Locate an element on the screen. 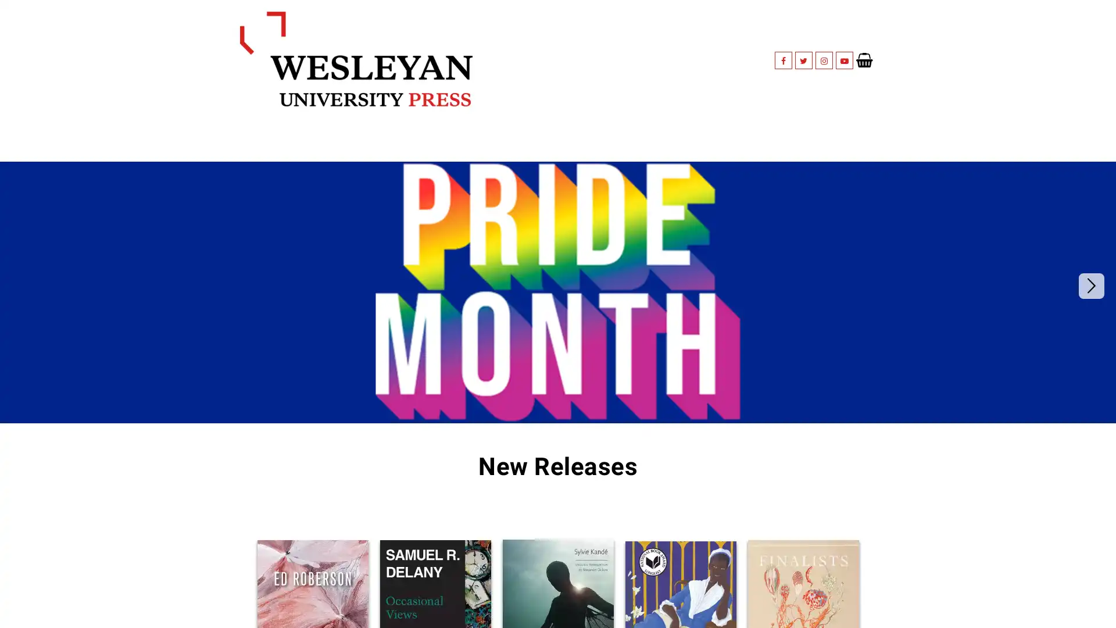  SEARCH is located at coordinates (845, 131).